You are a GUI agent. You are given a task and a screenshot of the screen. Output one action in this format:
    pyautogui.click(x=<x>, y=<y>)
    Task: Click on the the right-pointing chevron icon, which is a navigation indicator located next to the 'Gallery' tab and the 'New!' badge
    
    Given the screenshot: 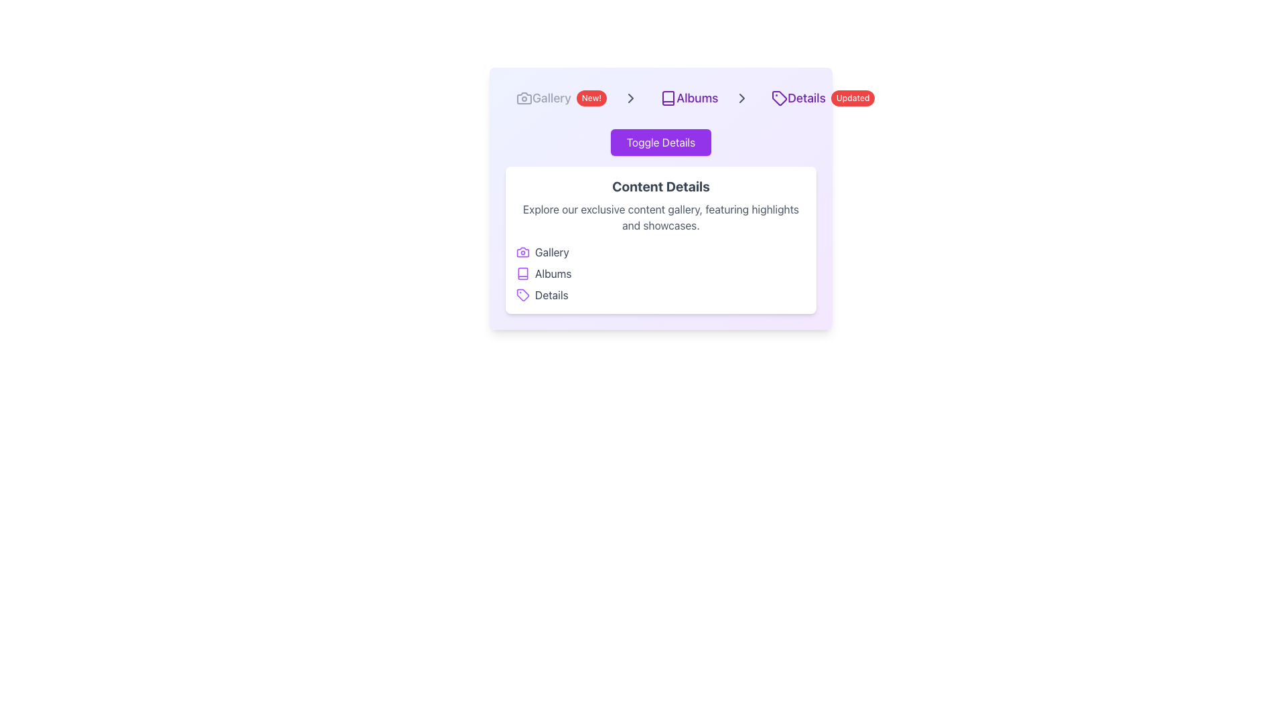 What is the action you would take?
    pyautogui.click(x=630, y=97)
    